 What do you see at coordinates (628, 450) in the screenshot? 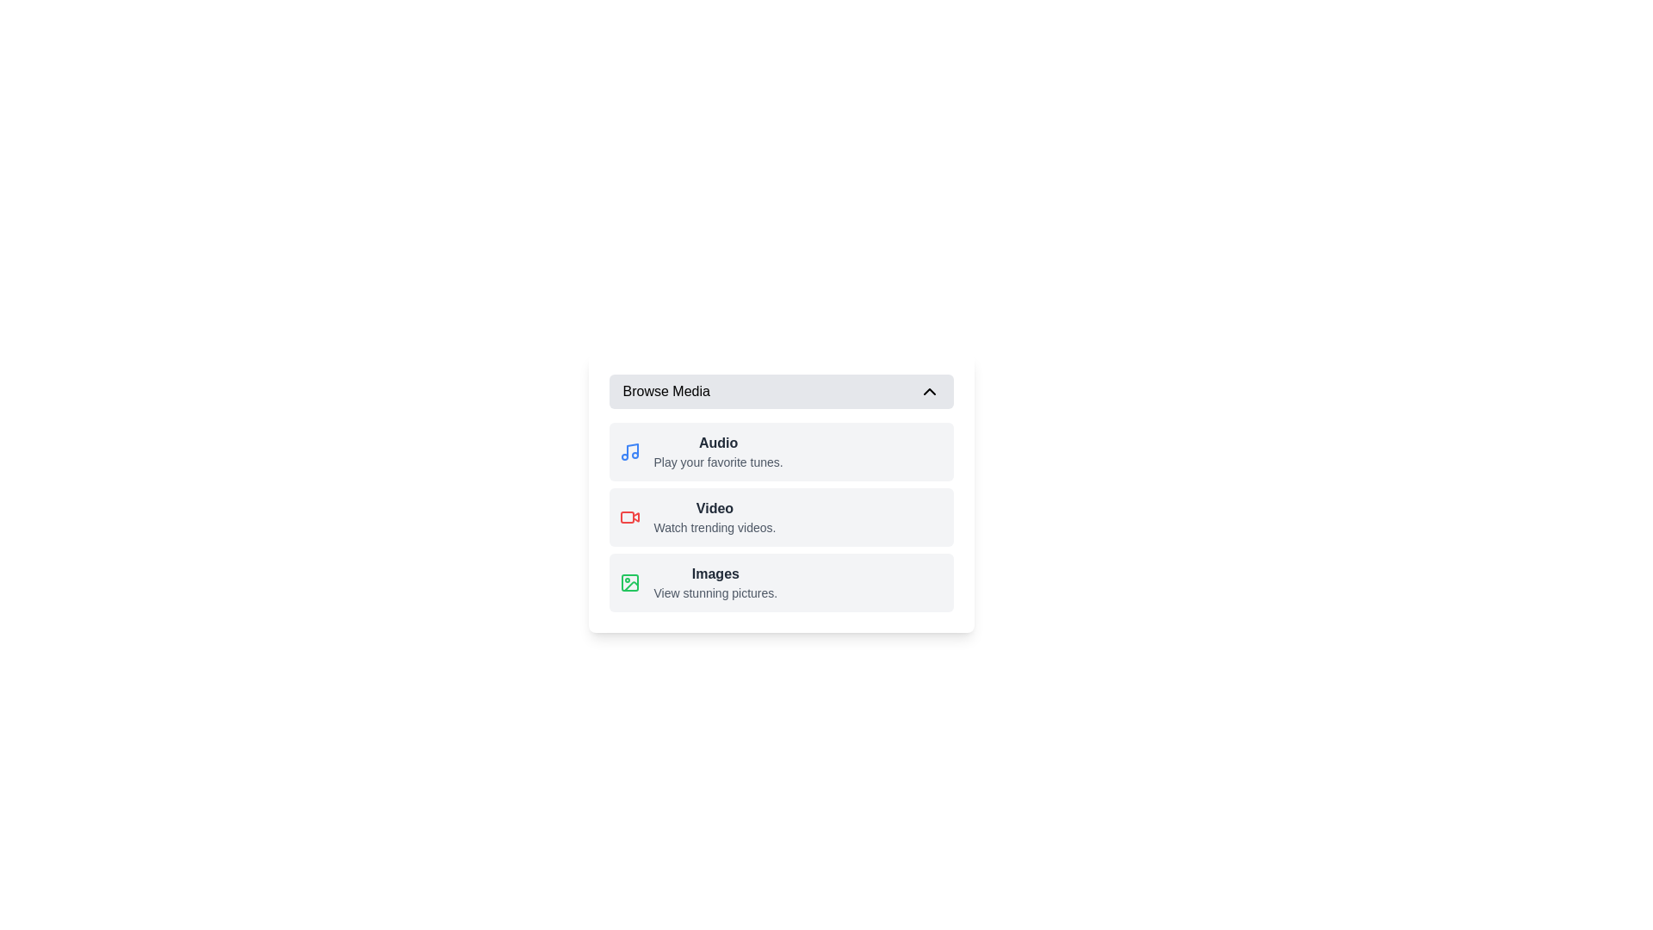
I see `the audio icon located at the top of the media options list, preceding the text 'Audio' and above the 'Video' option` at bounding box center [628, 450].